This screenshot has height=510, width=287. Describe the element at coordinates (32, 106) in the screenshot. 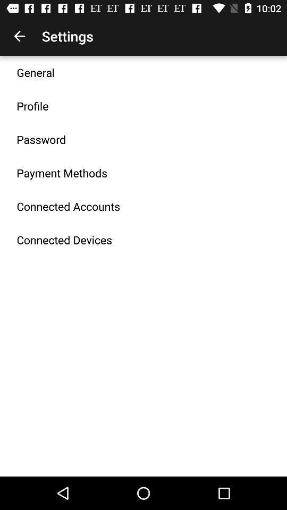

I see `profile` at that location.